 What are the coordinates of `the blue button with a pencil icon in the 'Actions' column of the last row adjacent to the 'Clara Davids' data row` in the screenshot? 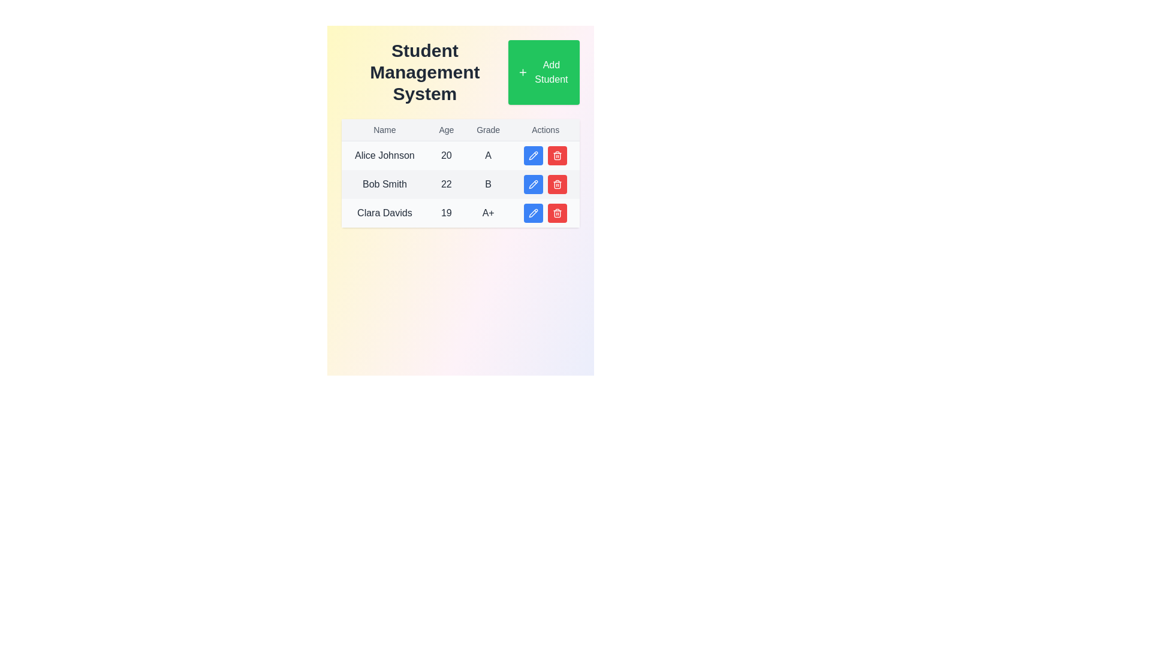 It's located at (533, 212).